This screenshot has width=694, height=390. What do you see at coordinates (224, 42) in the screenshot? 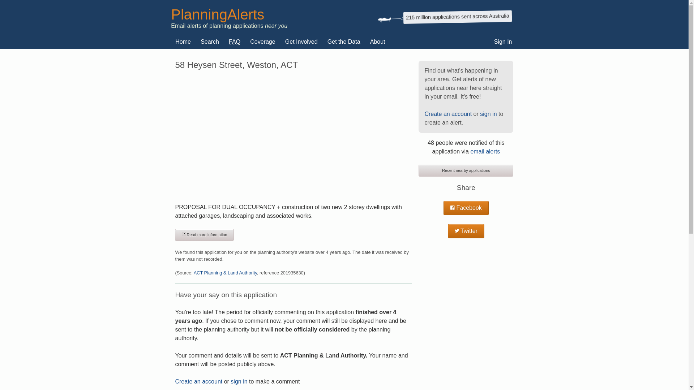
I see `'FAQ'` at bounding box center [224, 42].